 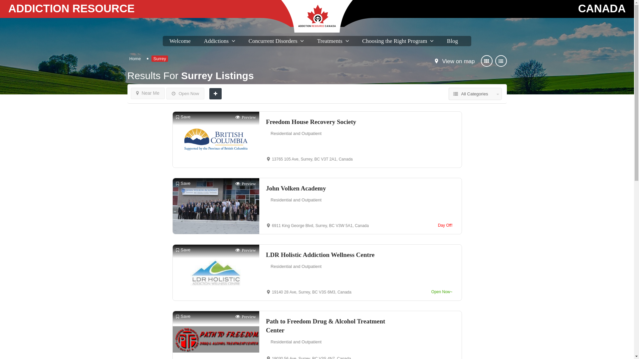 What do you see at coordinates (442, 292) in the screenshot?
I see `'Open Now~'` at bounding box center [442, 292].